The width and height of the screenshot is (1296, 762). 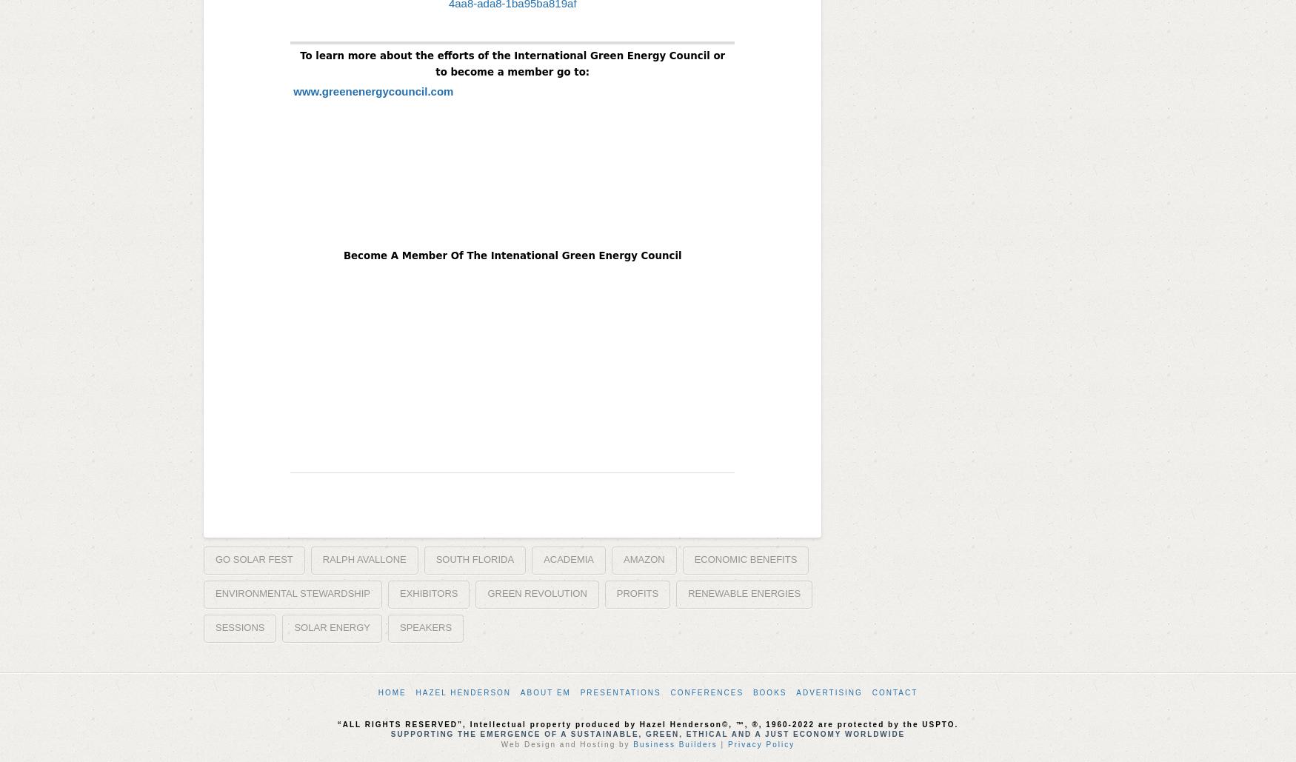 I want to click on 'Business Builders', so click(x=674, y=743).